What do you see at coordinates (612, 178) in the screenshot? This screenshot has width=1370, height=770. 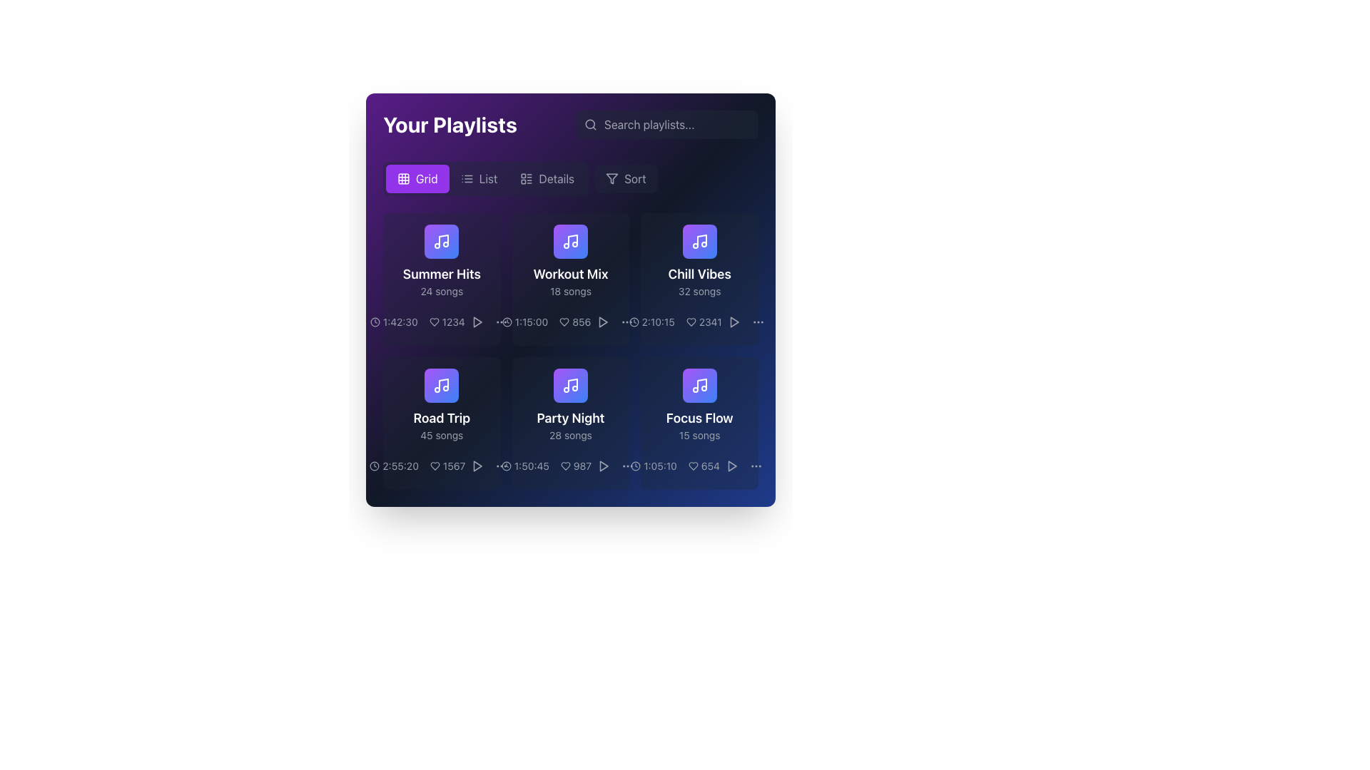 I see `the sort icon located within the 'Sort' button area near the top right of the interface` at bounding box center [612, 178].